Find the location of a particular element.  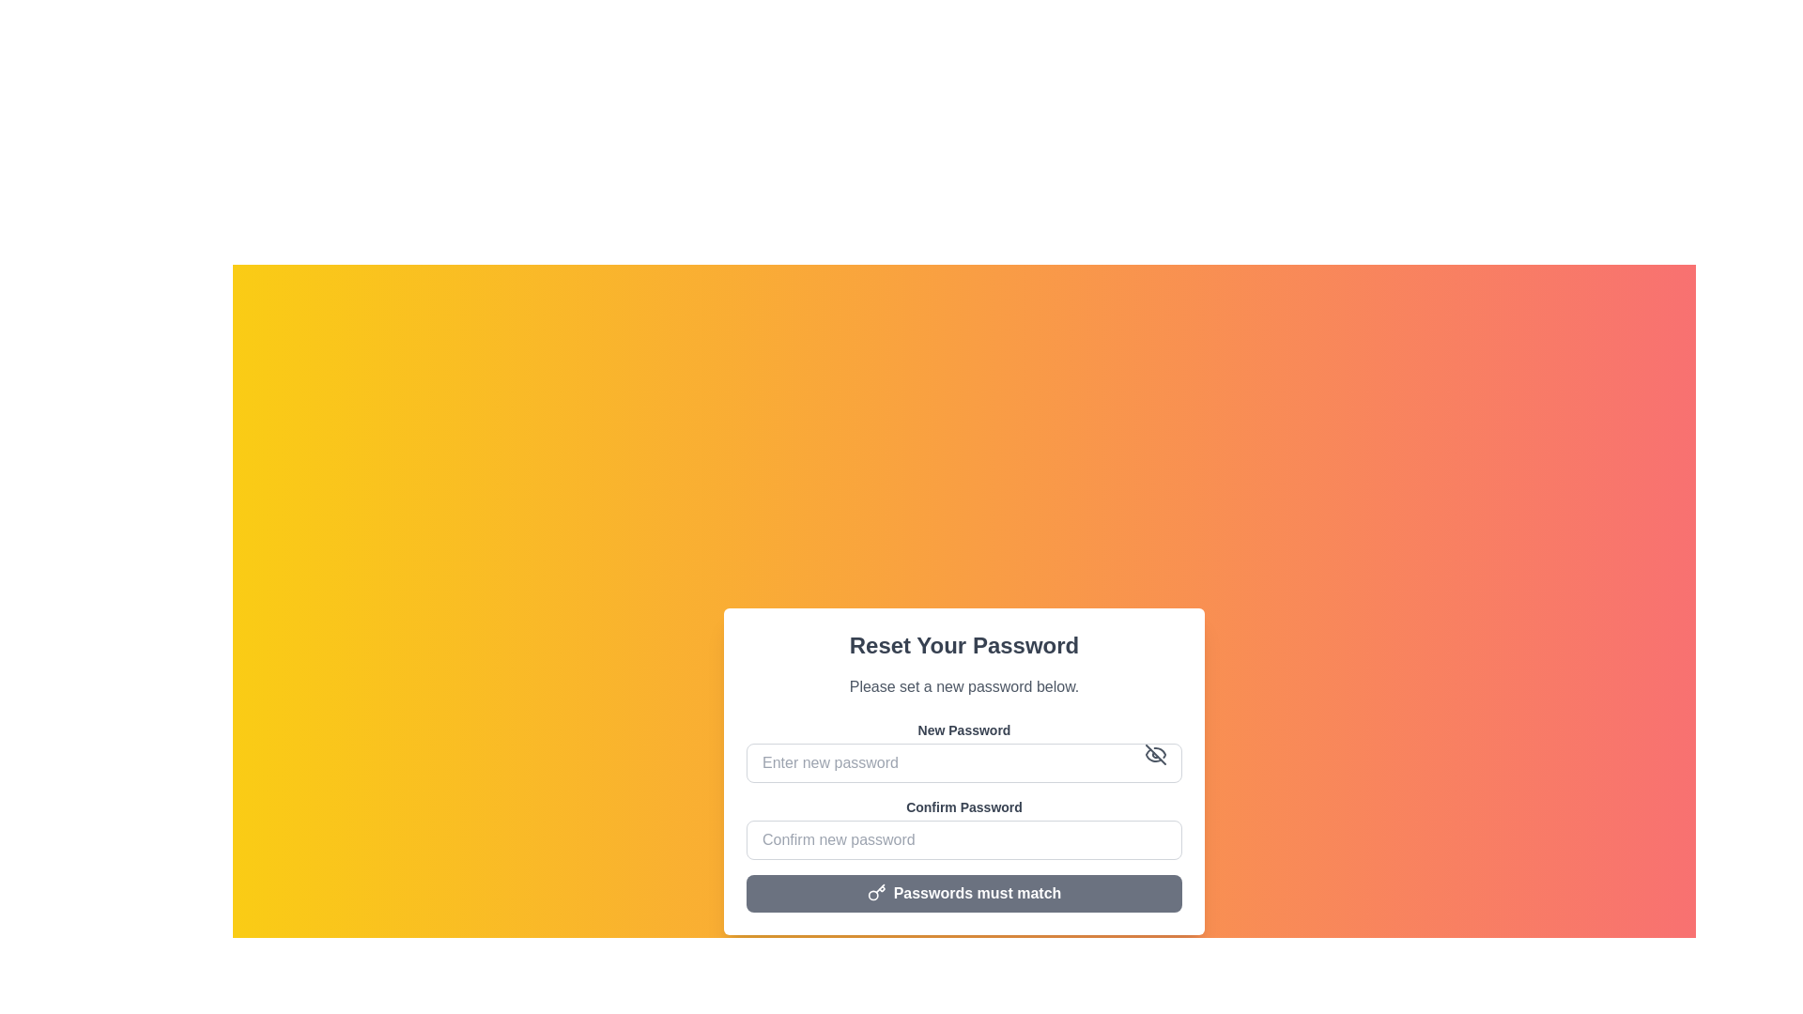

the 'Confirm Password' label, which is located above the input field for confirming the password in the 'Reset Your Password' form is located at coordinates (964, 807).